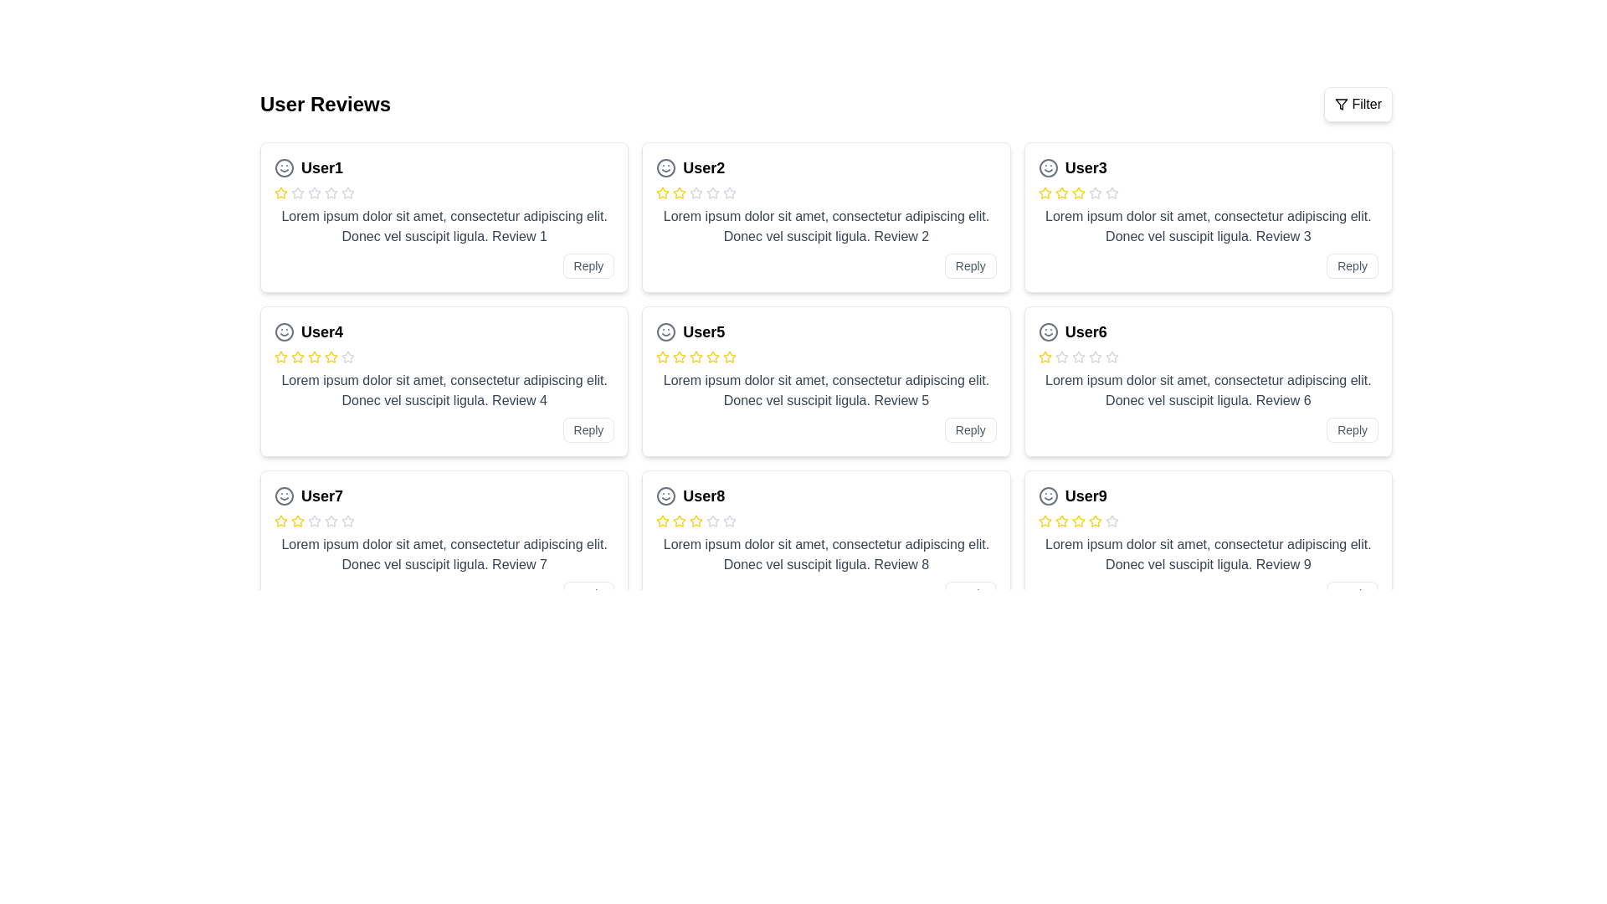  I want to click on the visual indication of the third yellow star icon in the rating interface for 'User8', located in the bottom row of the review card, so click(680, 521).